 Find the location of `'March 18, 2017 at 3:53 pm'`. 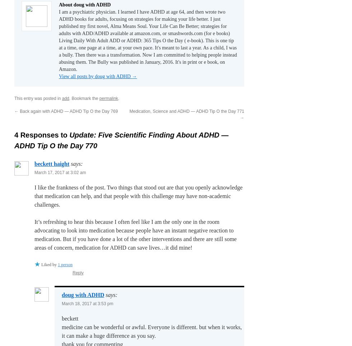

'March 18, 2017 at 3:53 pm' is located at coordinates (87, 303).